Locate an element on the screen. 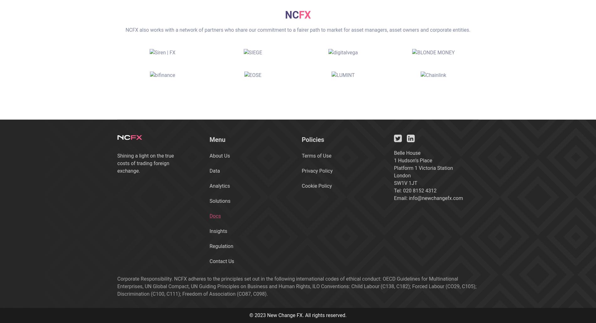 Image resolution: width=596 pixels, height=323 pixels. 'NCFX also works with a network of partners who share our commitment to a fairer path to market for asset managers, asset owners and corporate entities.' is located at coordinates (297, 29).